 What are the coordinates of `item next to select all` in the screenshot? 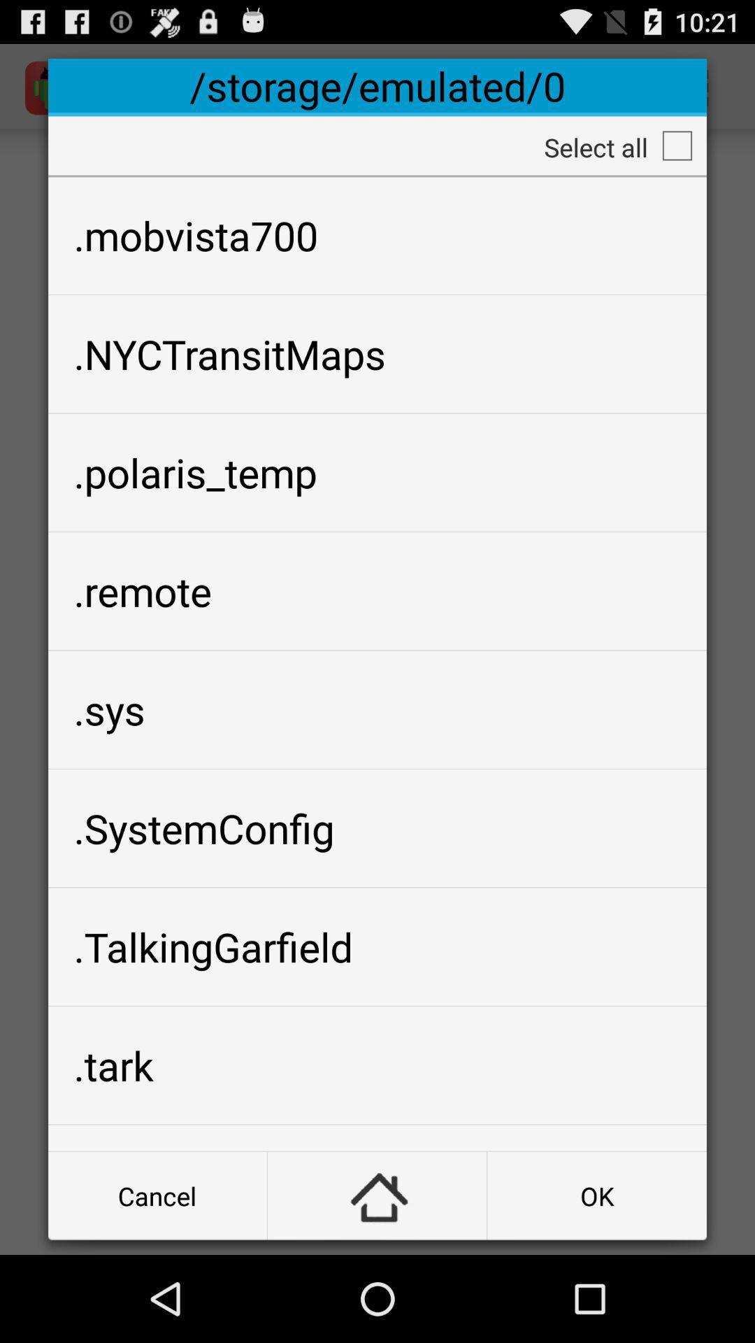 It's located at (676, 145).